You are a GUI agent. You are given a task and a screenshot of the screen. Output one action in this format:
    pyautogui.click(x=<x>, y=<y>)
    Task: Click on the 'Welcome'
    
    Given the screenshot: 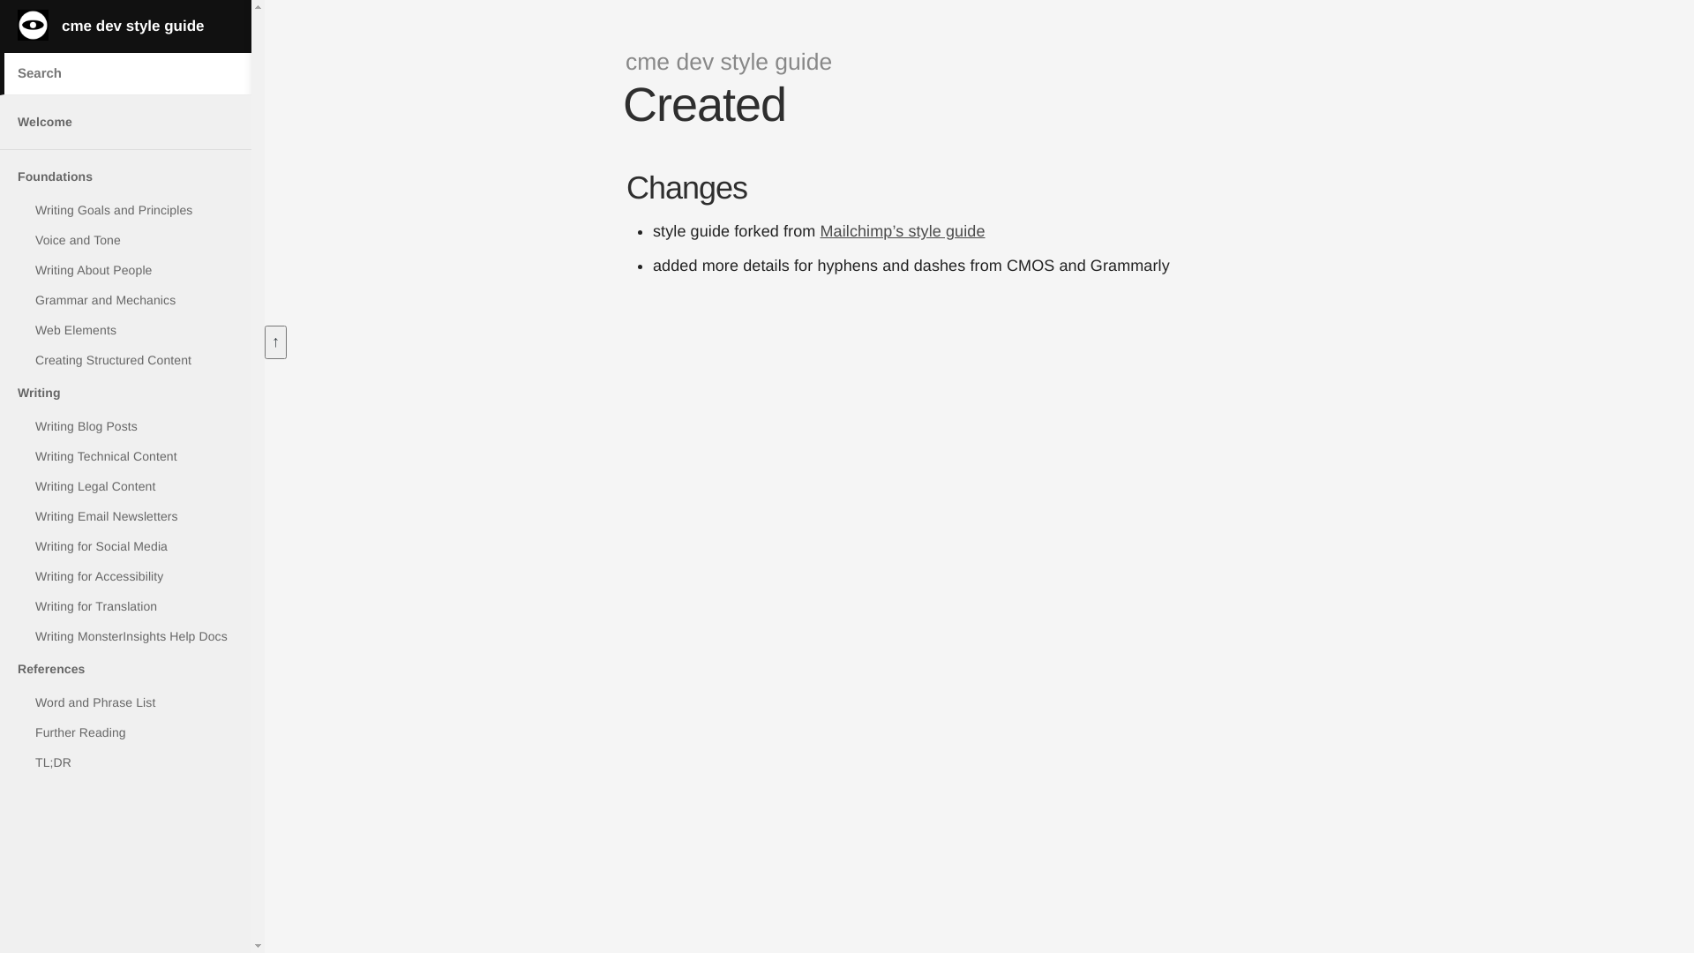 What is the action you would take?
    pyautogui.click(x=124, y=121)
    